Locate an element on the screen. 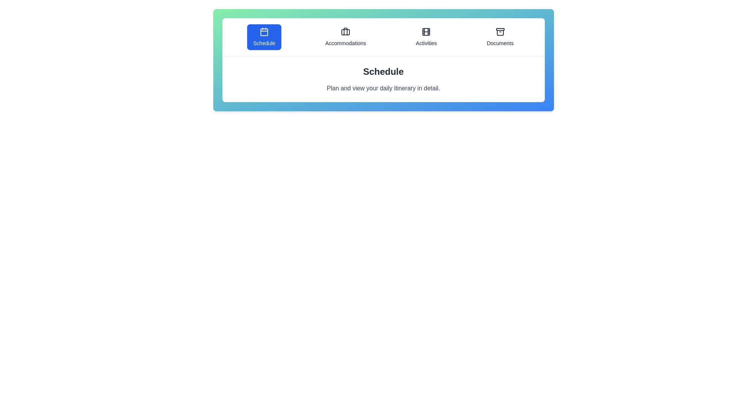  the background of the ItineraryPlanner component is located at coordinates (383, 197).